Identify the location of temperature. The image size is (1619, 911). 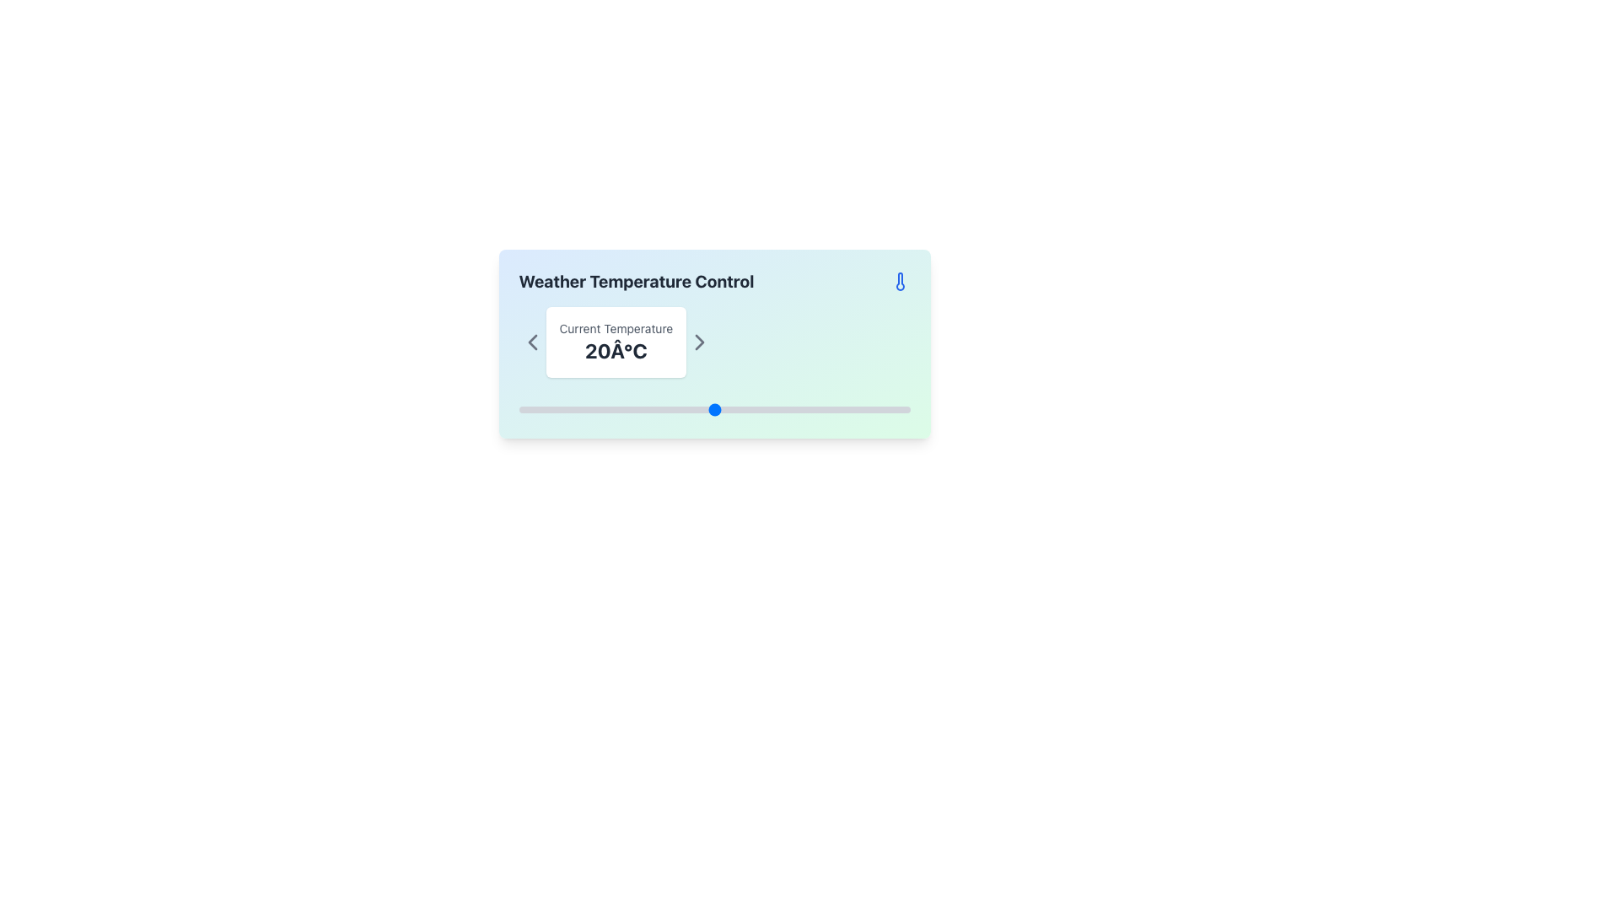
(899, 410).